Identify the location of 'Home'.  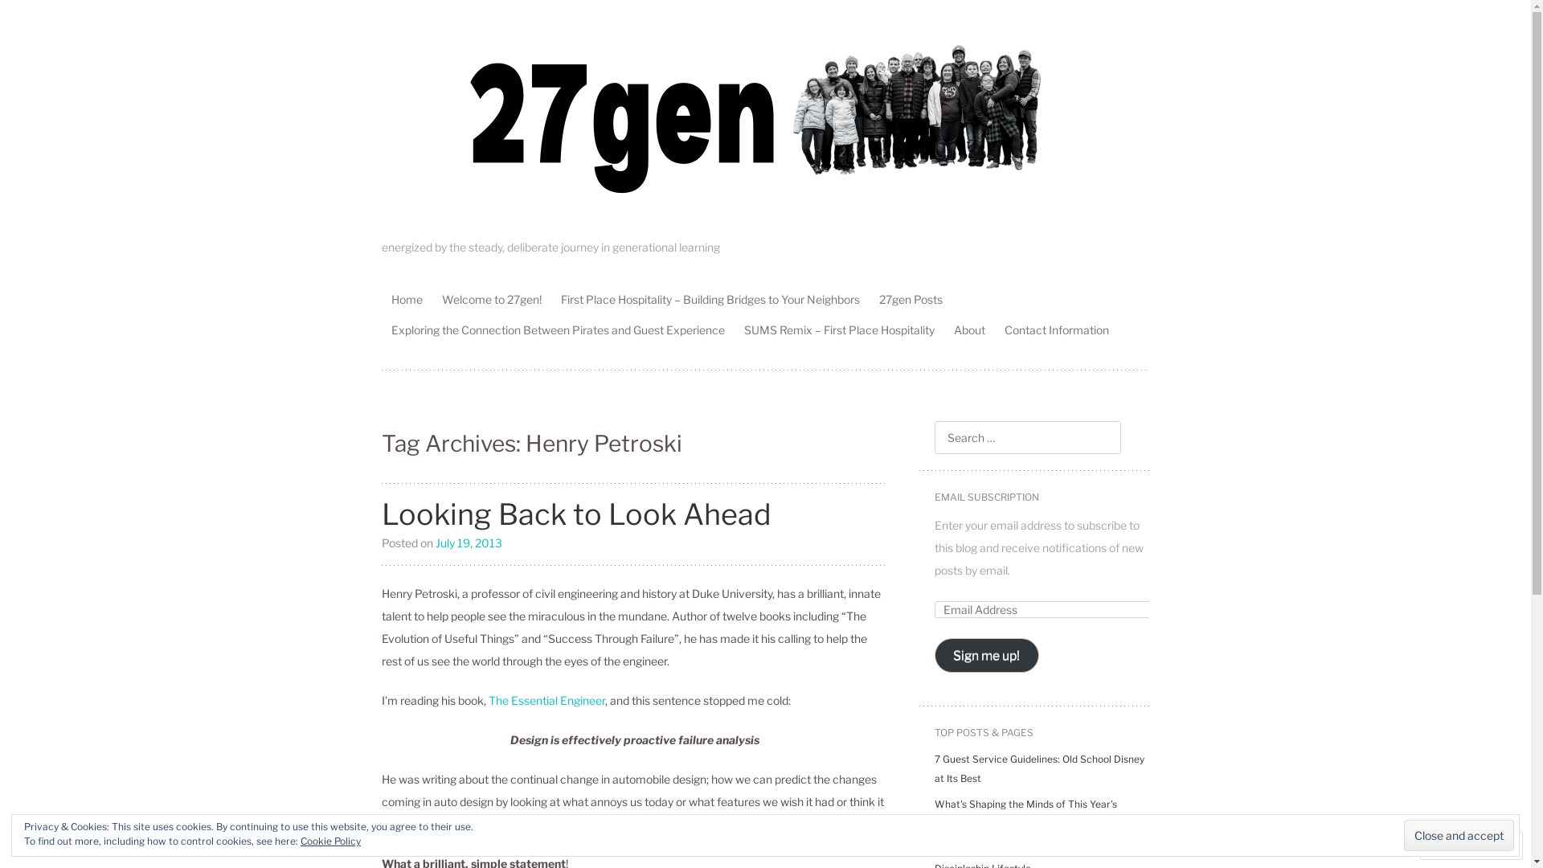
(407, 298).